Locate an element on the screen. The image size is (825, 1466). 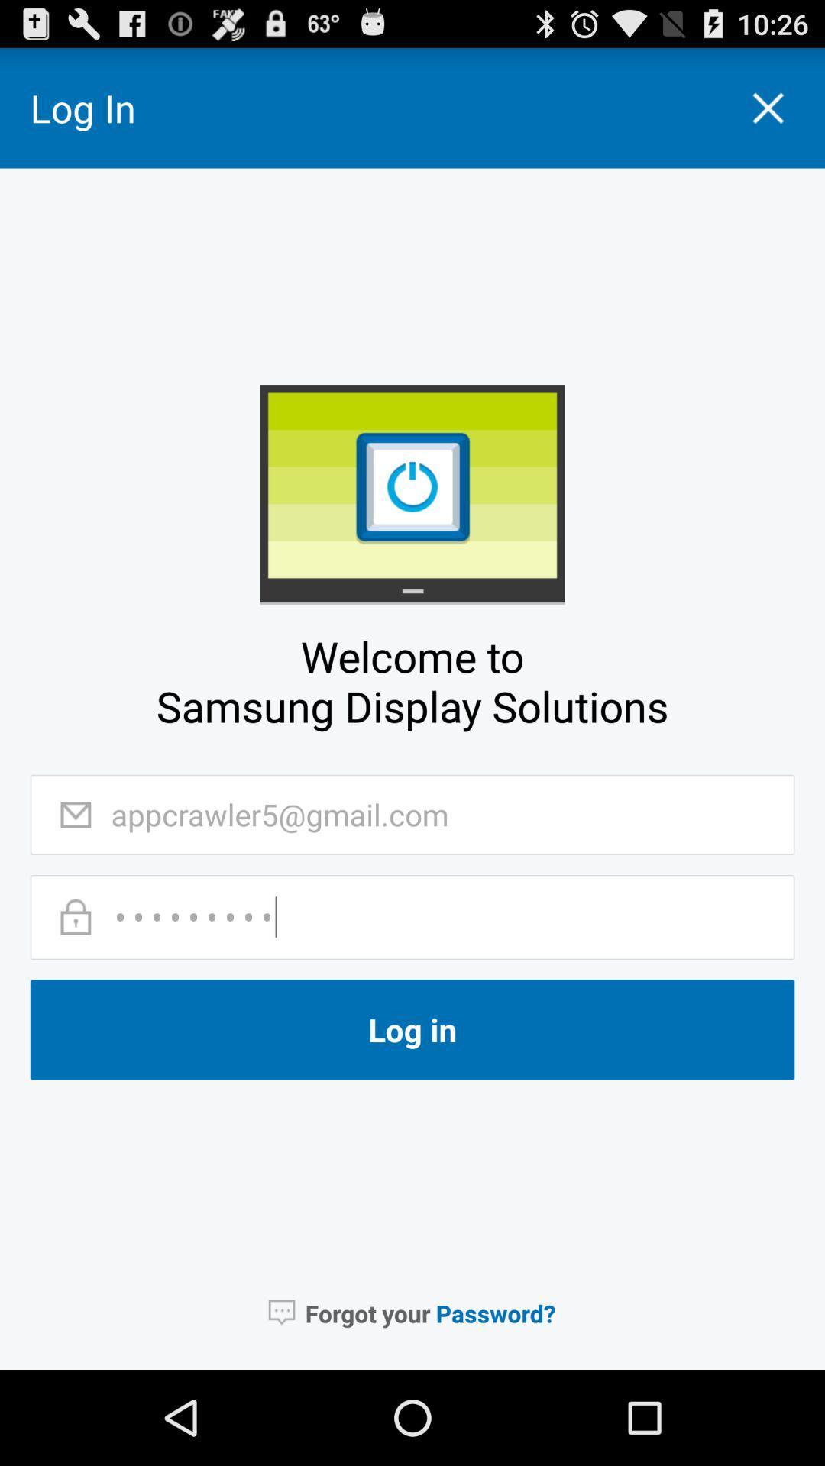
the icon beside the password field is located at coordinates (76, 916).